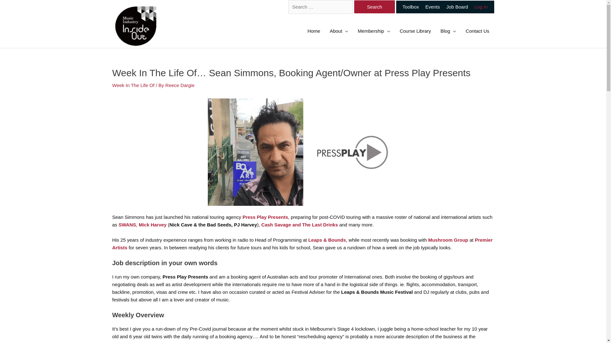 The image size is (611, 343). I want to click on 'Job Board', so click(456, 7).